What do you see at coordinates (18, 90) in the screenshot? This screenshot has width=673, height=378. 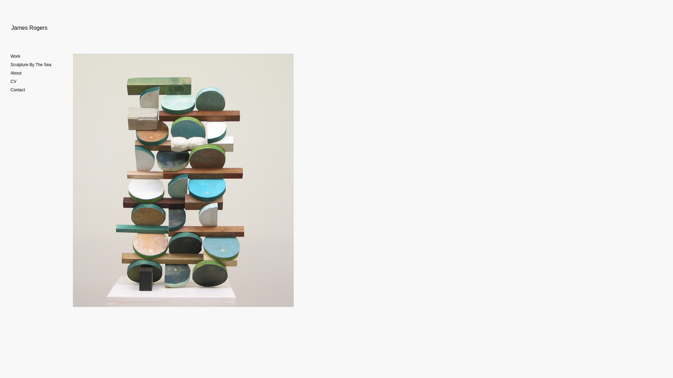 I see `'Contact'` at bounding box center [18, 90].